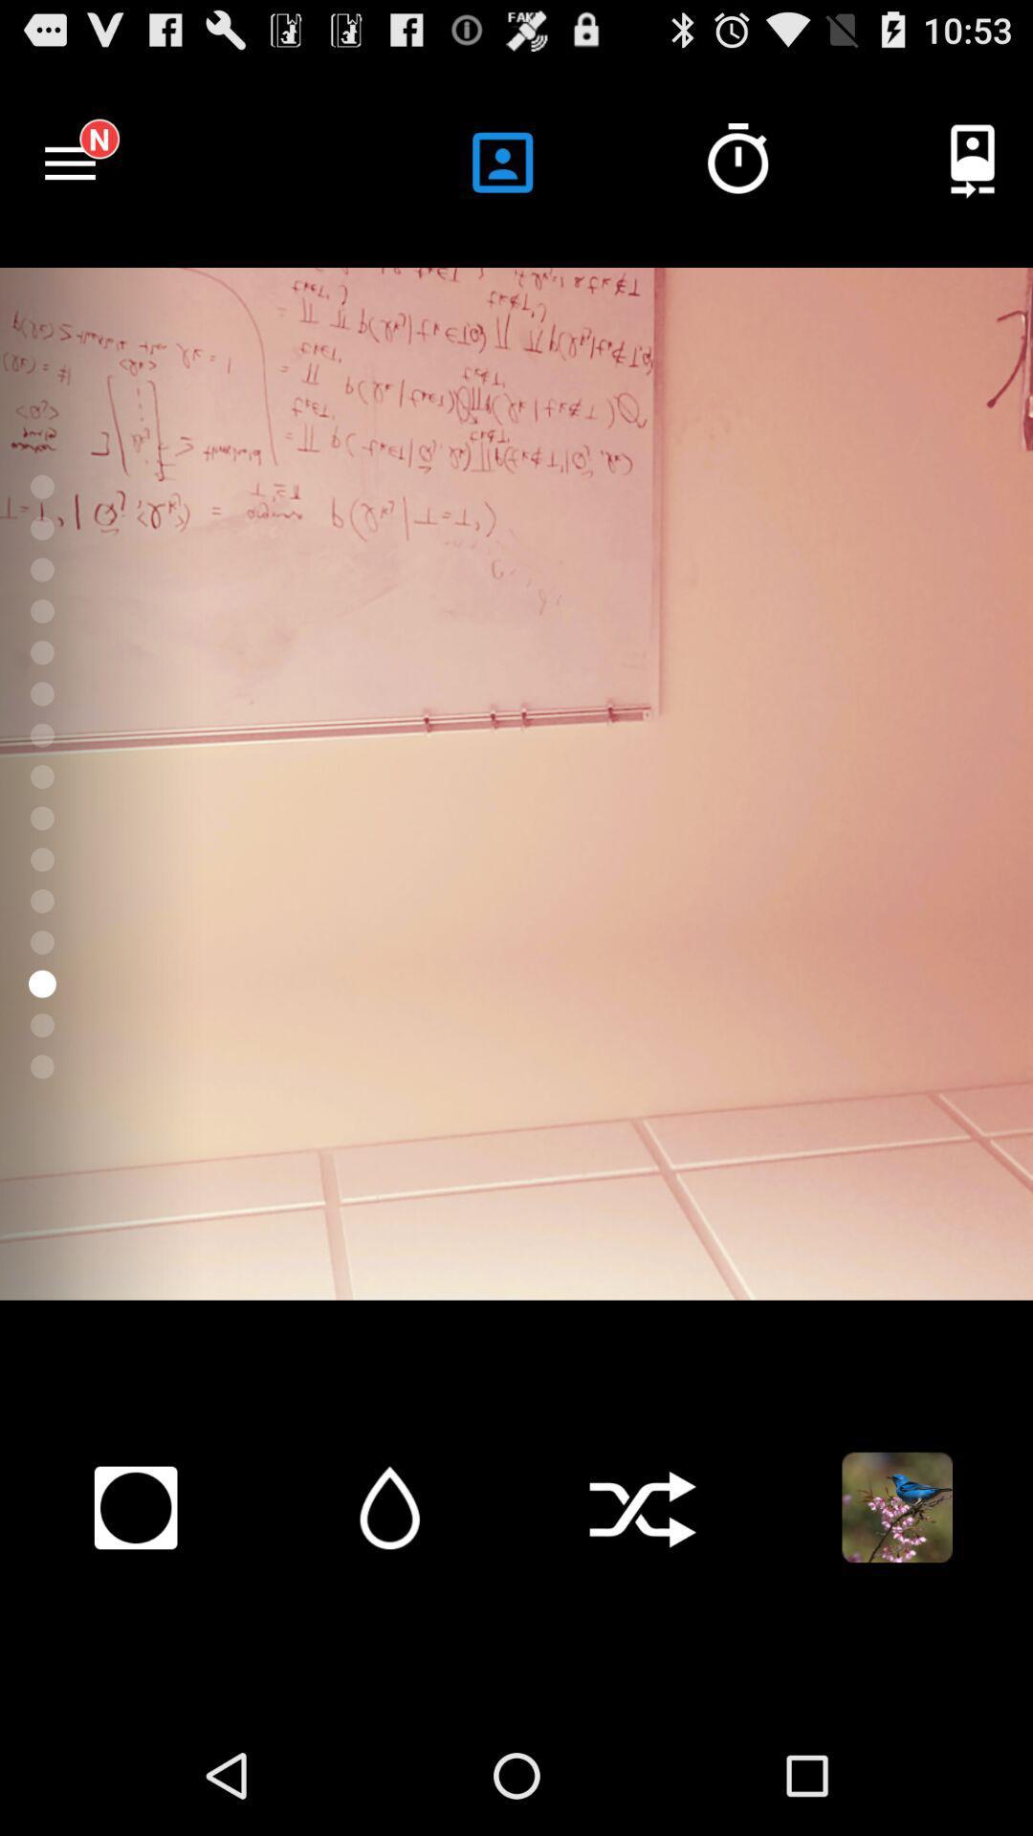  What do you see at coordinates (736, 174) in the screenshot?
I see `the time icon` at bounding box center [736, 174].